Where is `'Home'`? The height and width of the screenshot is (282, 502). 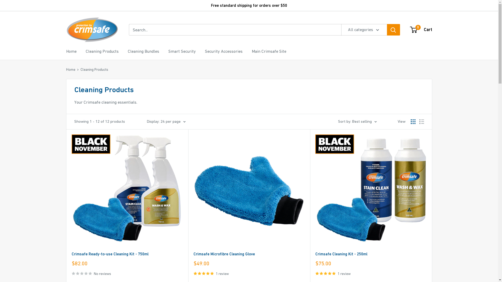 'Home' is located at coordinates (66, 51).